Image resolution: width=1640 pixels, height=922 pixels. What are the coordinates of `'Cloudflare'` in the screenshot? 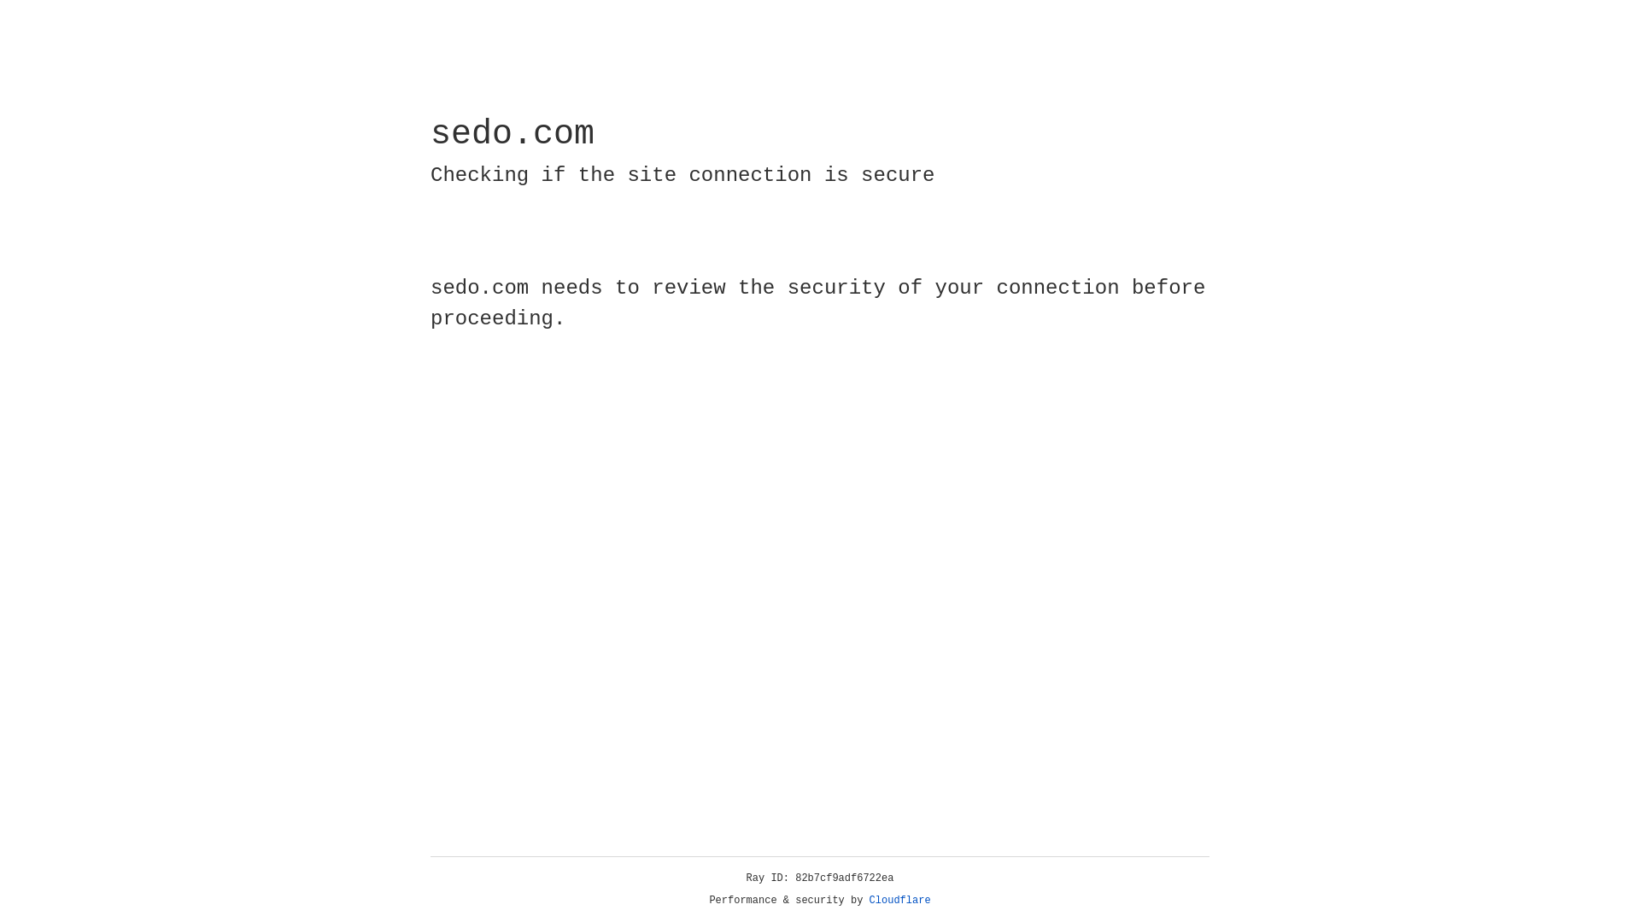 It's located at (869, 900).